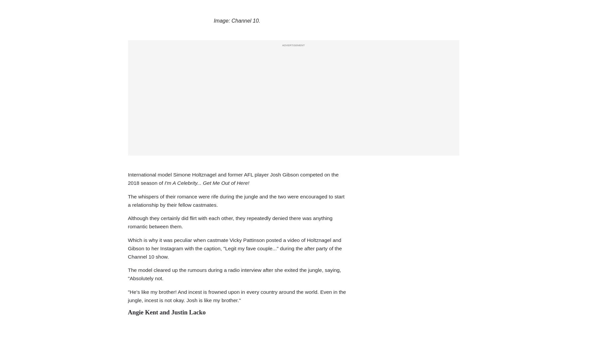 The height and width of the screenshot is (343, 613). What do you see at coordinates (230, 222) in the screenshot?
I see `'Although they certainly did flirt with each other, they repeatedly denied there was anything romantic between them.'` at bounding box center [230, 222].